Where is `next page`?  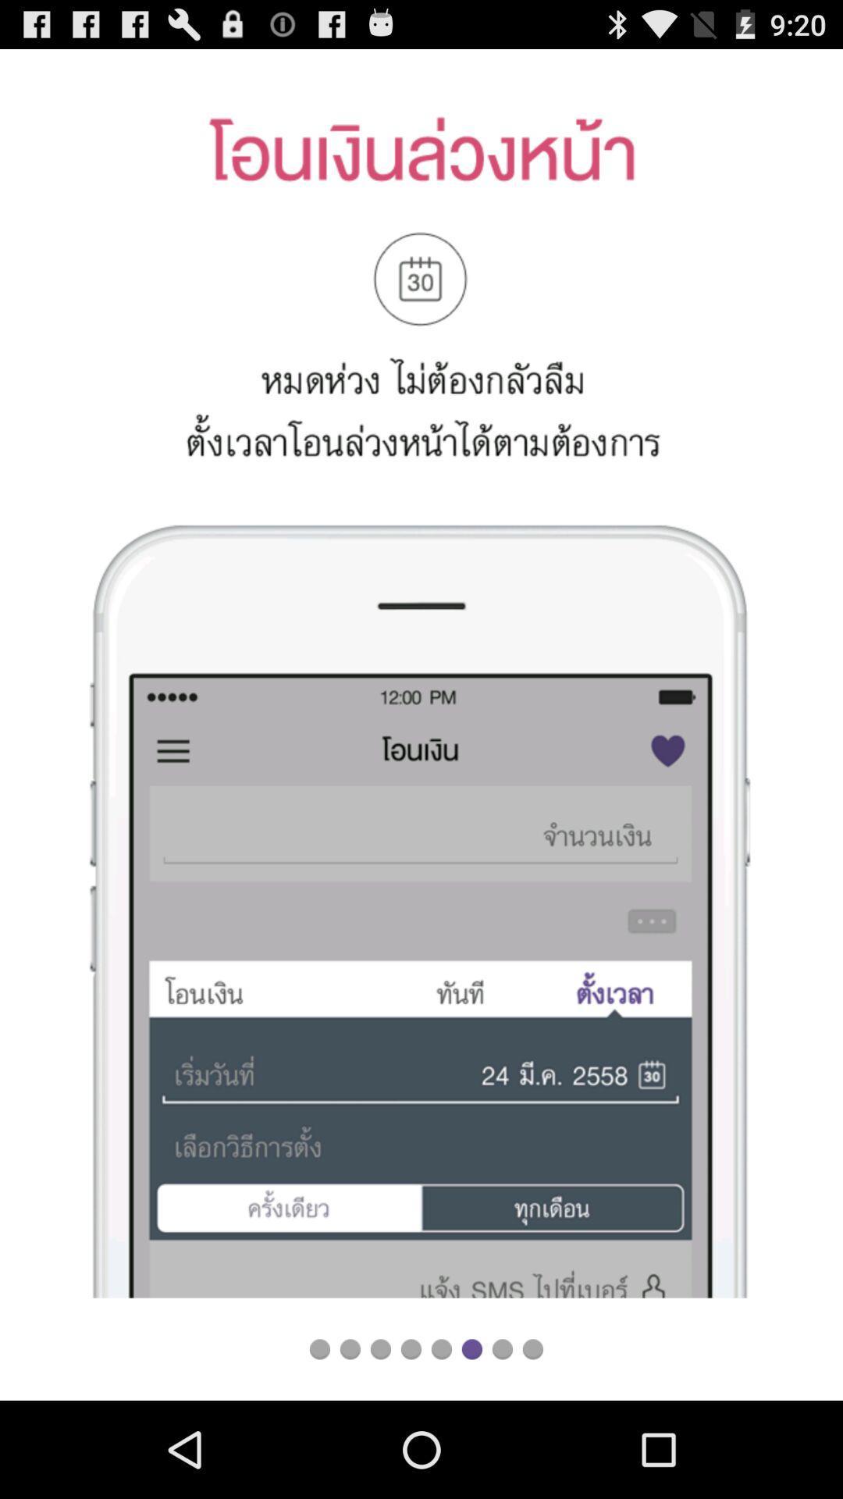 next page is located at coordinates (502, 1348).